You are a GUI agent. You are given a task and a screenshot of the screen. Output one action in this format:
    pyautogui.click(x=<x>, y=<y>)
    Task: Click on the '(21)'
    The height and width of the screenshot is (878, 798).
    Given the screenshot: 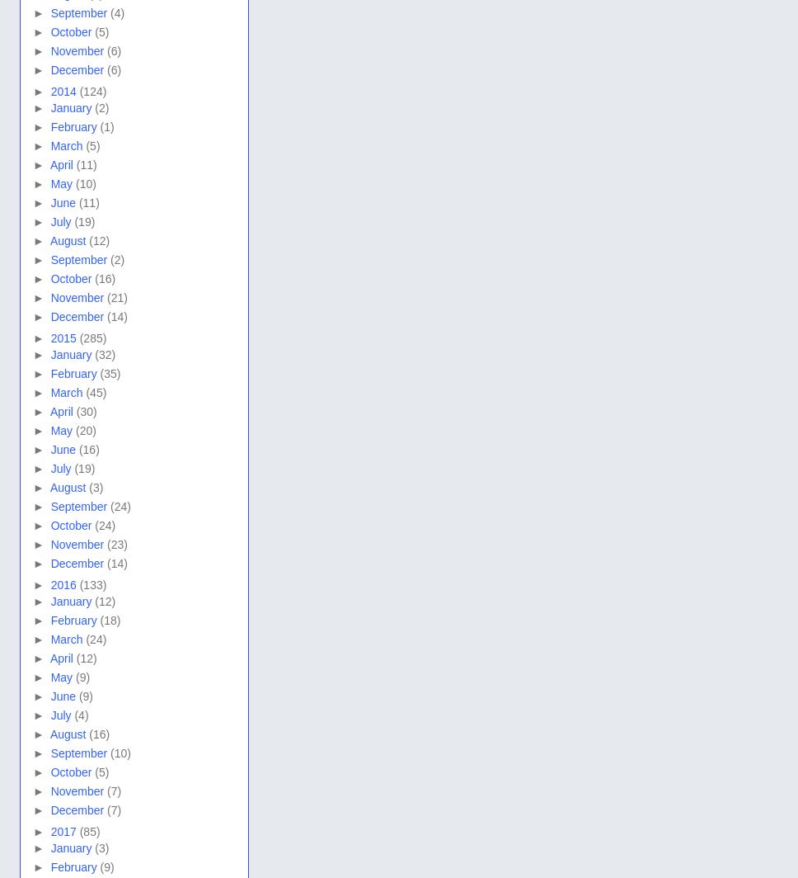 What is the action you would take?
    pyautogui.click(x=116, y=296)
    